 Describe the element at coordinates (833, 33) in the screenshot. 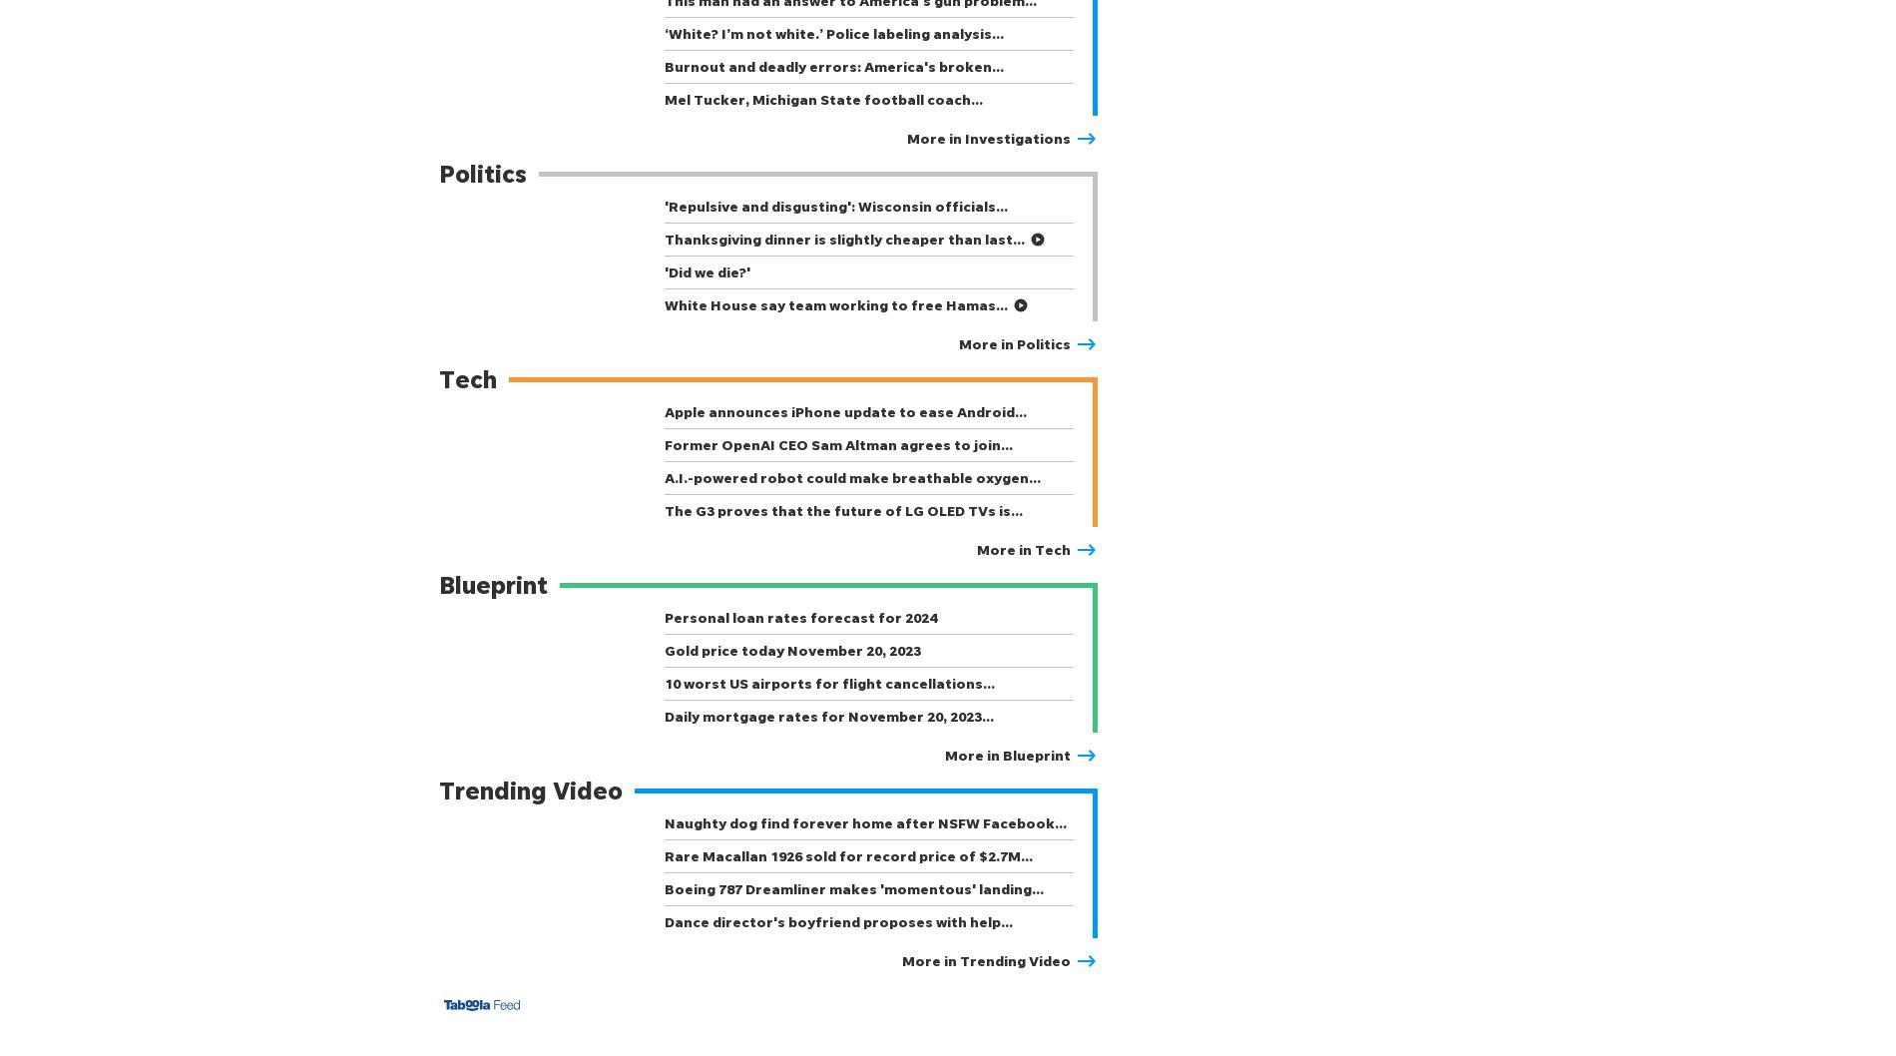

I see `'‘White? I’m not white.’ Police labeling analysis…'` at that location.